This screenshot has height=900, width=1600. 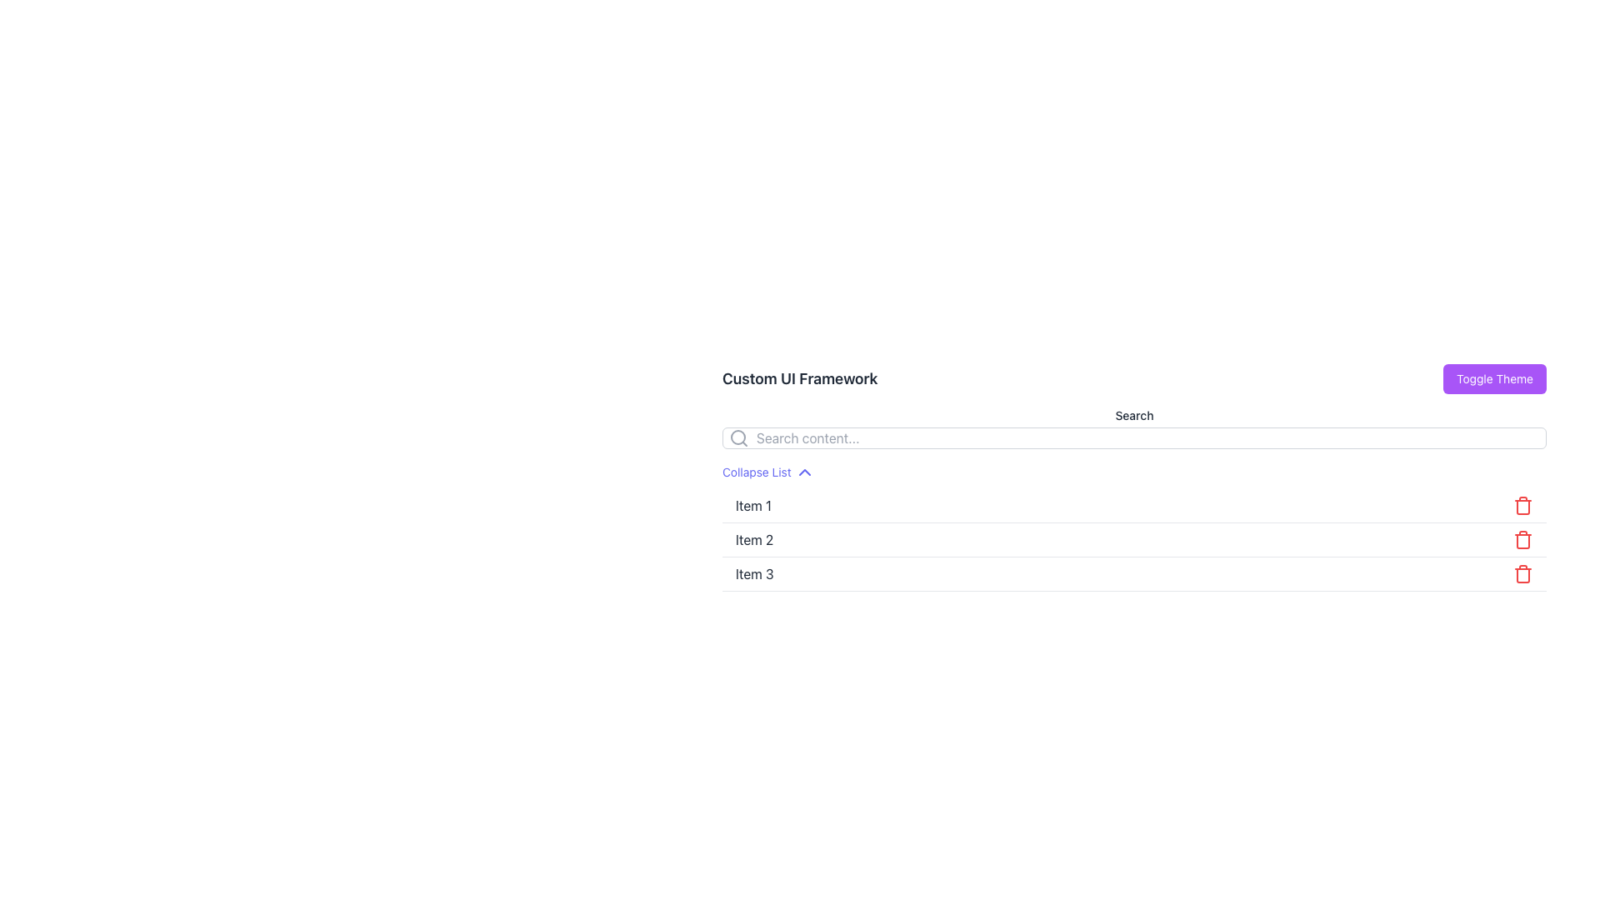 I want to click on the 'Search' text label, which is styled with a small font size and medium weight, positioned above the search input field, so click(x=1133, y=414).